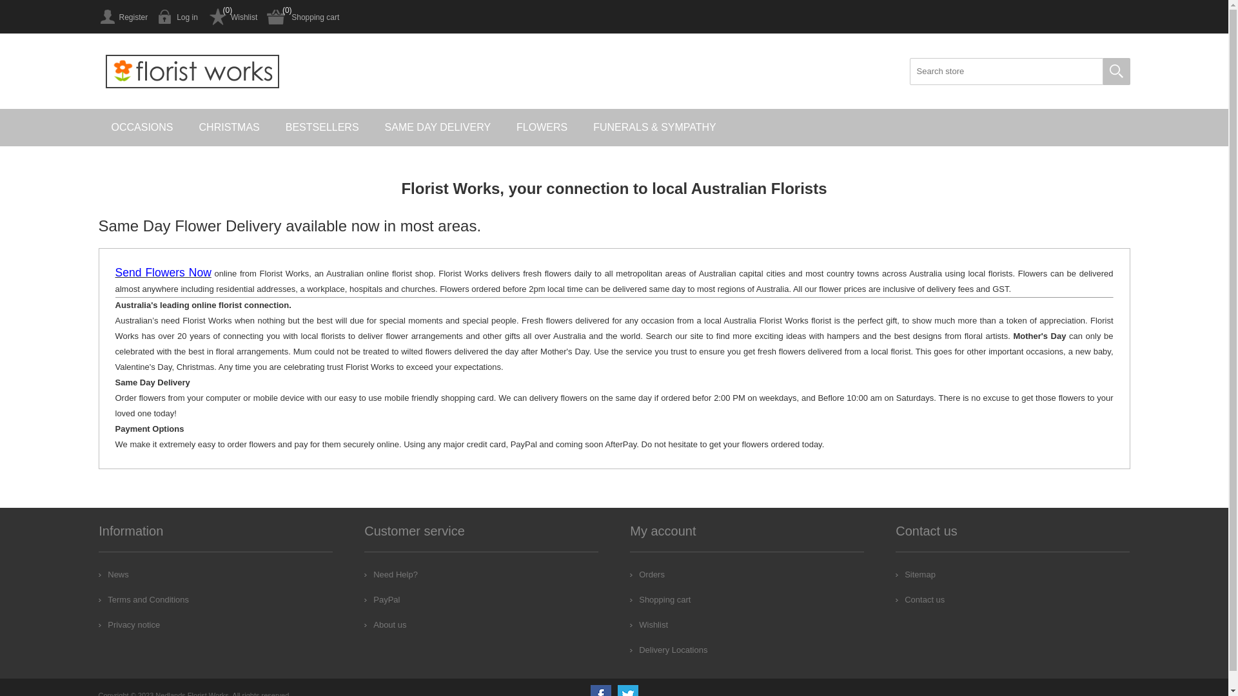 Image resolution: width=1238 pixels, height=696 pixels. I want to click on 'SAME DAY DELIVERY', so click(438, 127).